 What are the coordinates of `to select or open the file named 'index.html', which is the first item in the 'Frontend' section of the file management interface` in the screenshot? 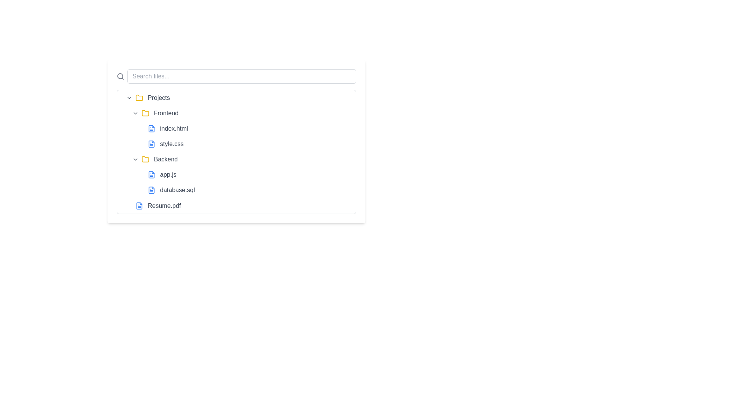 It's located at (245, 128).